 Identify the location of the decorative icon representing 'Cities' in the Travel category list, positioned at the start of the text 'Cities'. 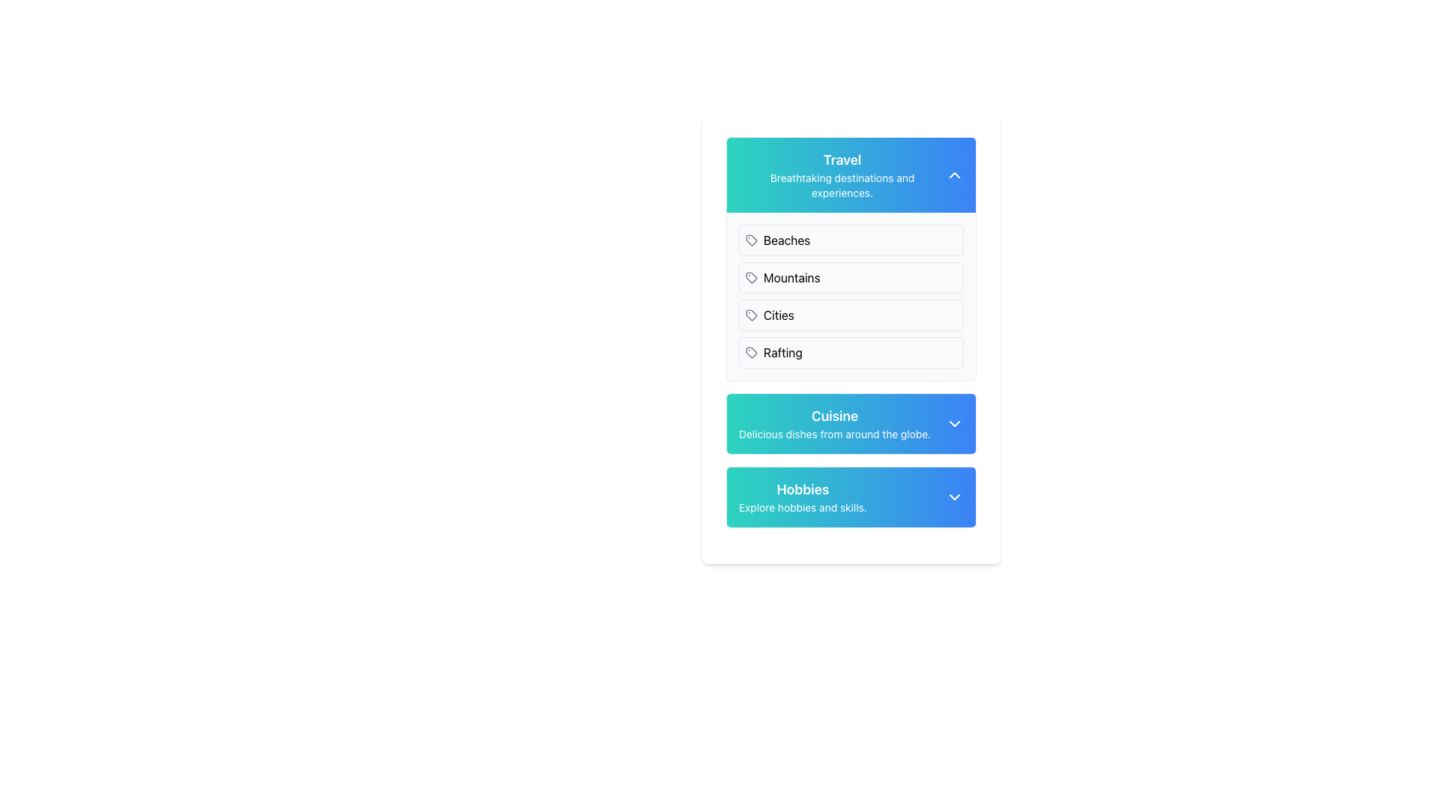
(752, 314).